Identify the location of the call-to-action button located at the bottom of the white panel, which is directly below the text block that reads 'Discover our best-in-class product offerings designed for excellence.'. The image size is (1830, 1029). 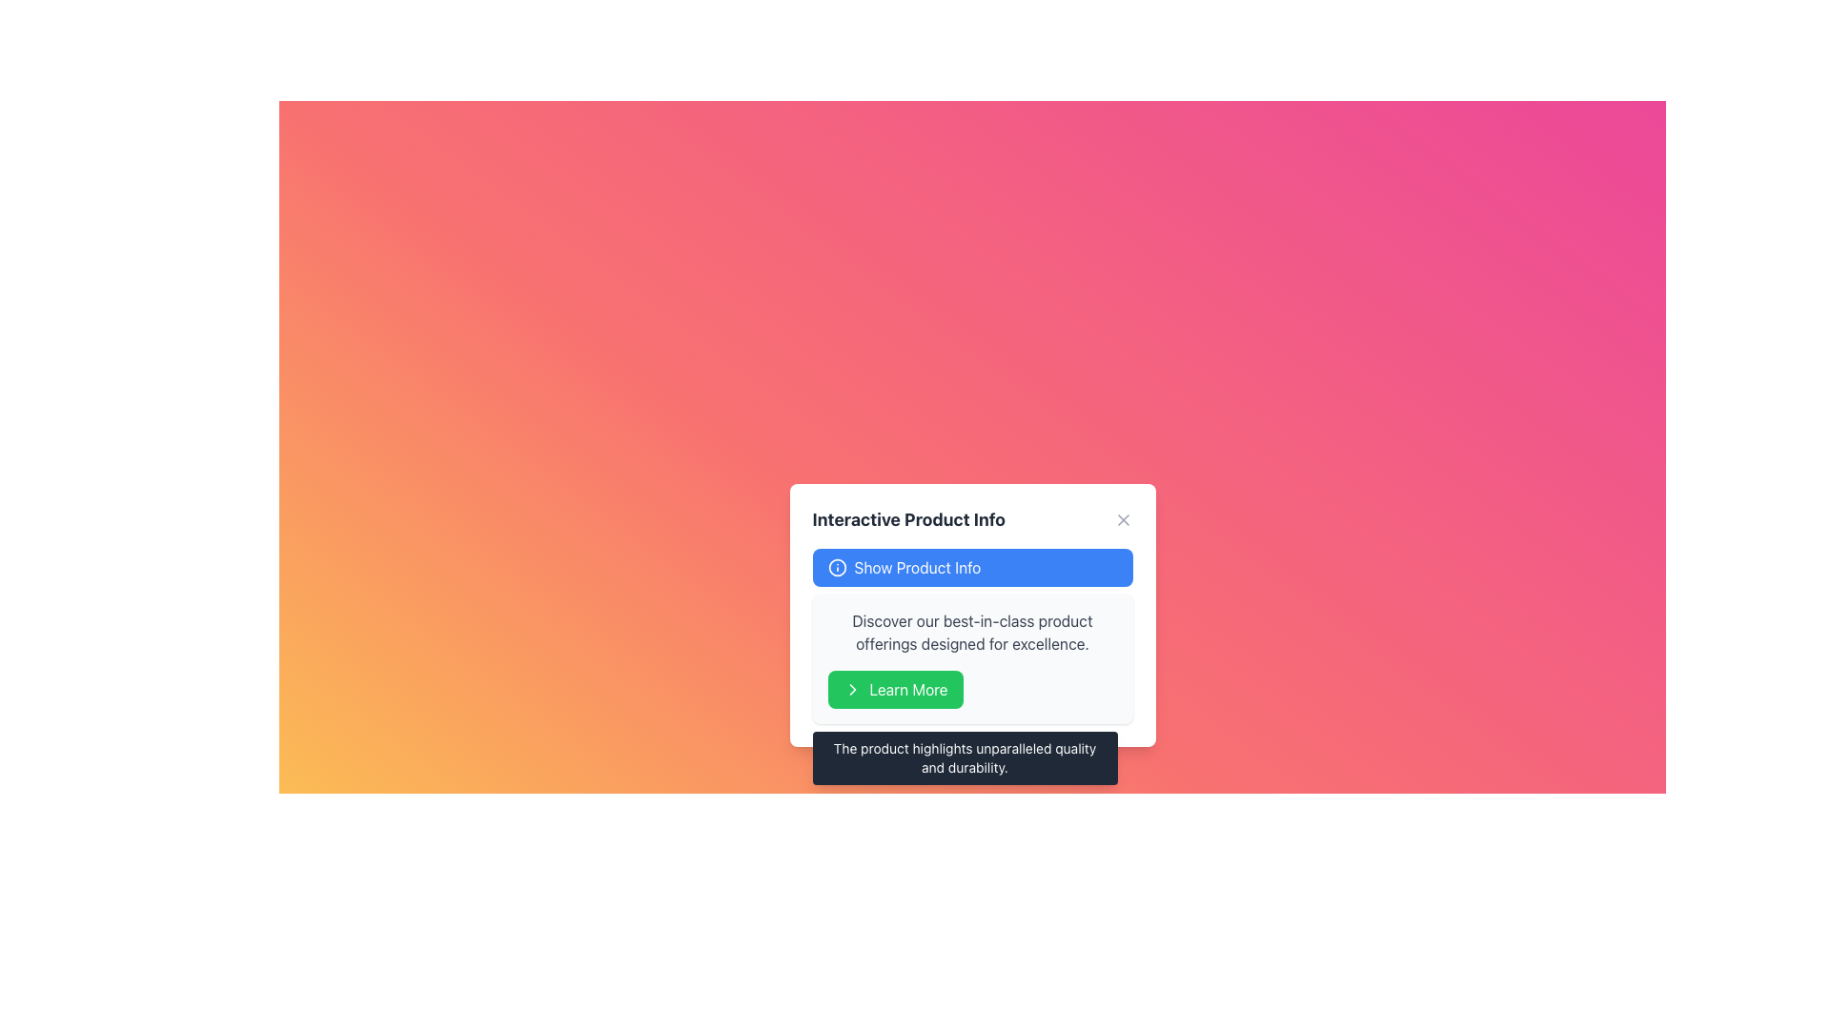
(894, 690).